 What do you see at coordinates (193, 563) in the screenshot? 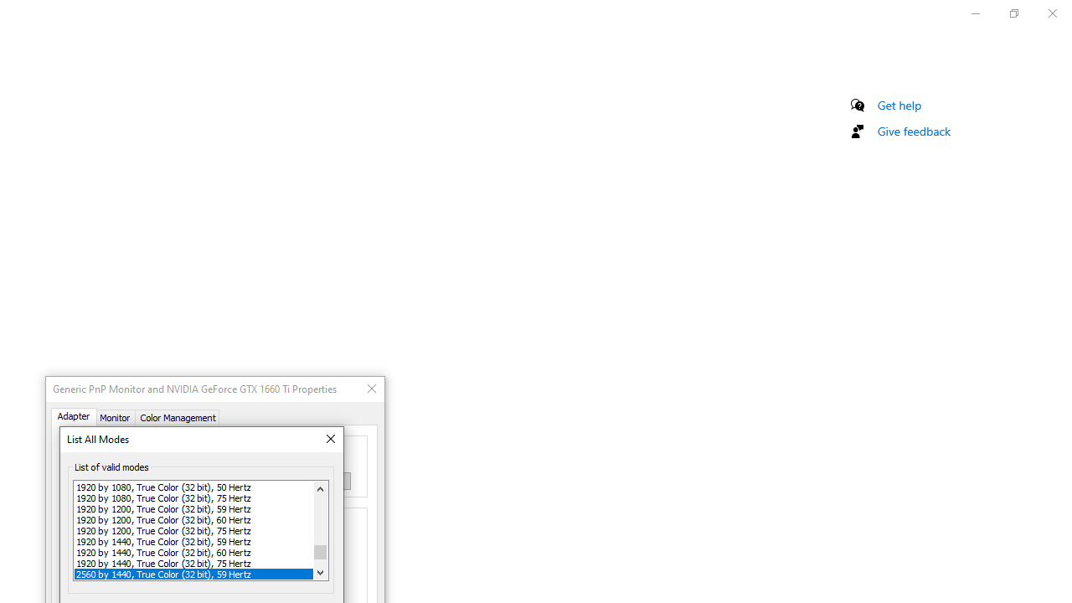
I see `'1920 by 1440, True Color (32 bit), 75 Hertz'` at bounding box center [193, 563].